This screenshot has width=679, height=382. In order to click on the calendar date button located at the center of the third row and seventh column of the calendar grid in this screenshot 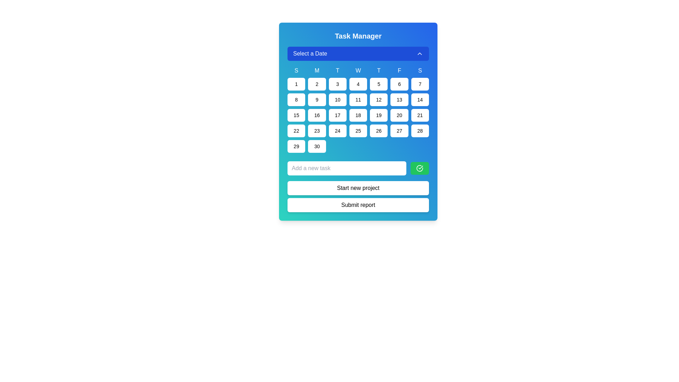, I will do `click(420, 99)`.